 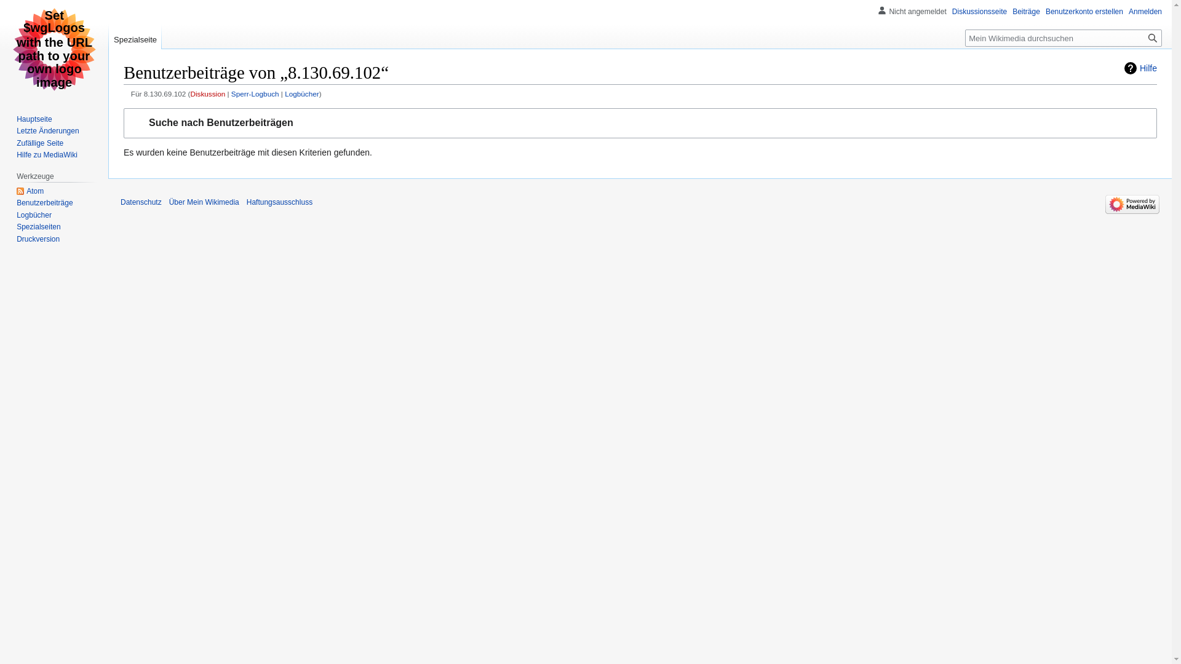 I want to click on 'Druckversion', so click(x=38, y=239).